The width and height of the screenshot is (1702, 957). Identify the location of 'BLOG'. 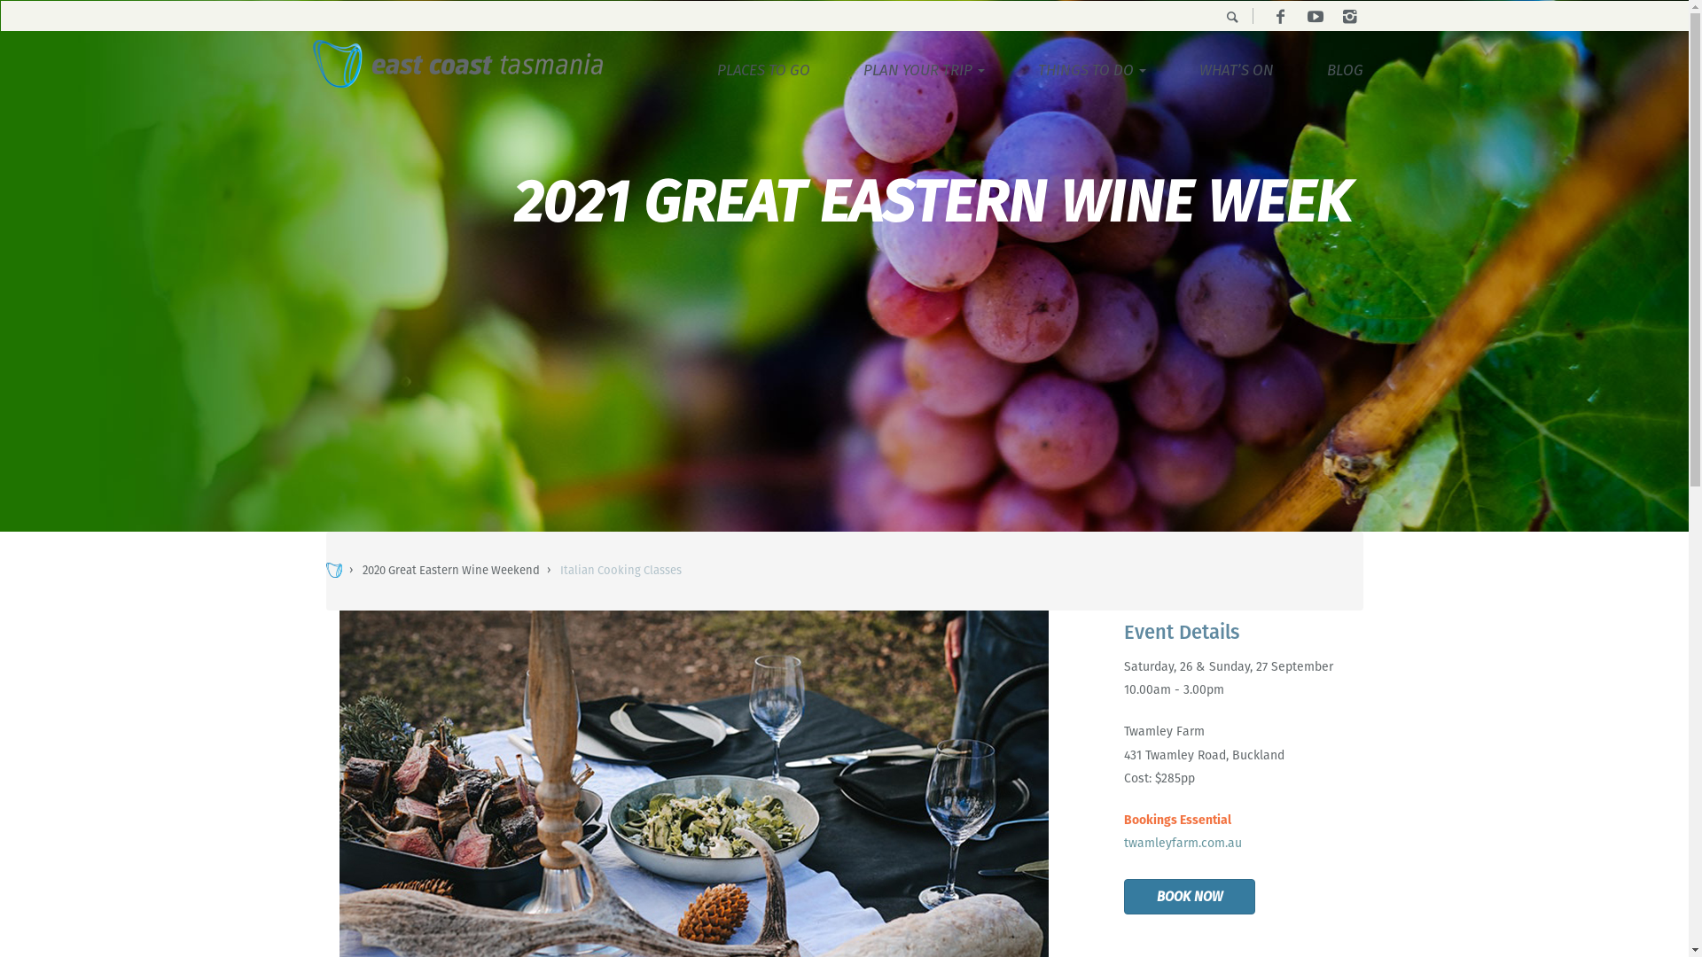
(1299, 68).